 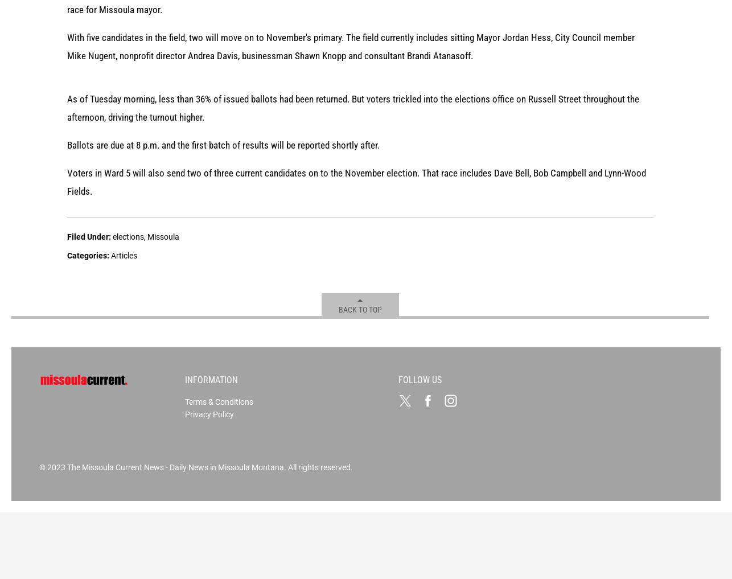 What do you see at coordinates (352, 276) in the screenshot?
I see `'As of Tuesday morning, less than 36% of issued ballots had been returned. But voters trickled into the elections office on Russell Street throughout the afternoon, driving the turnout higher.'` at bounding box center [352, 276].